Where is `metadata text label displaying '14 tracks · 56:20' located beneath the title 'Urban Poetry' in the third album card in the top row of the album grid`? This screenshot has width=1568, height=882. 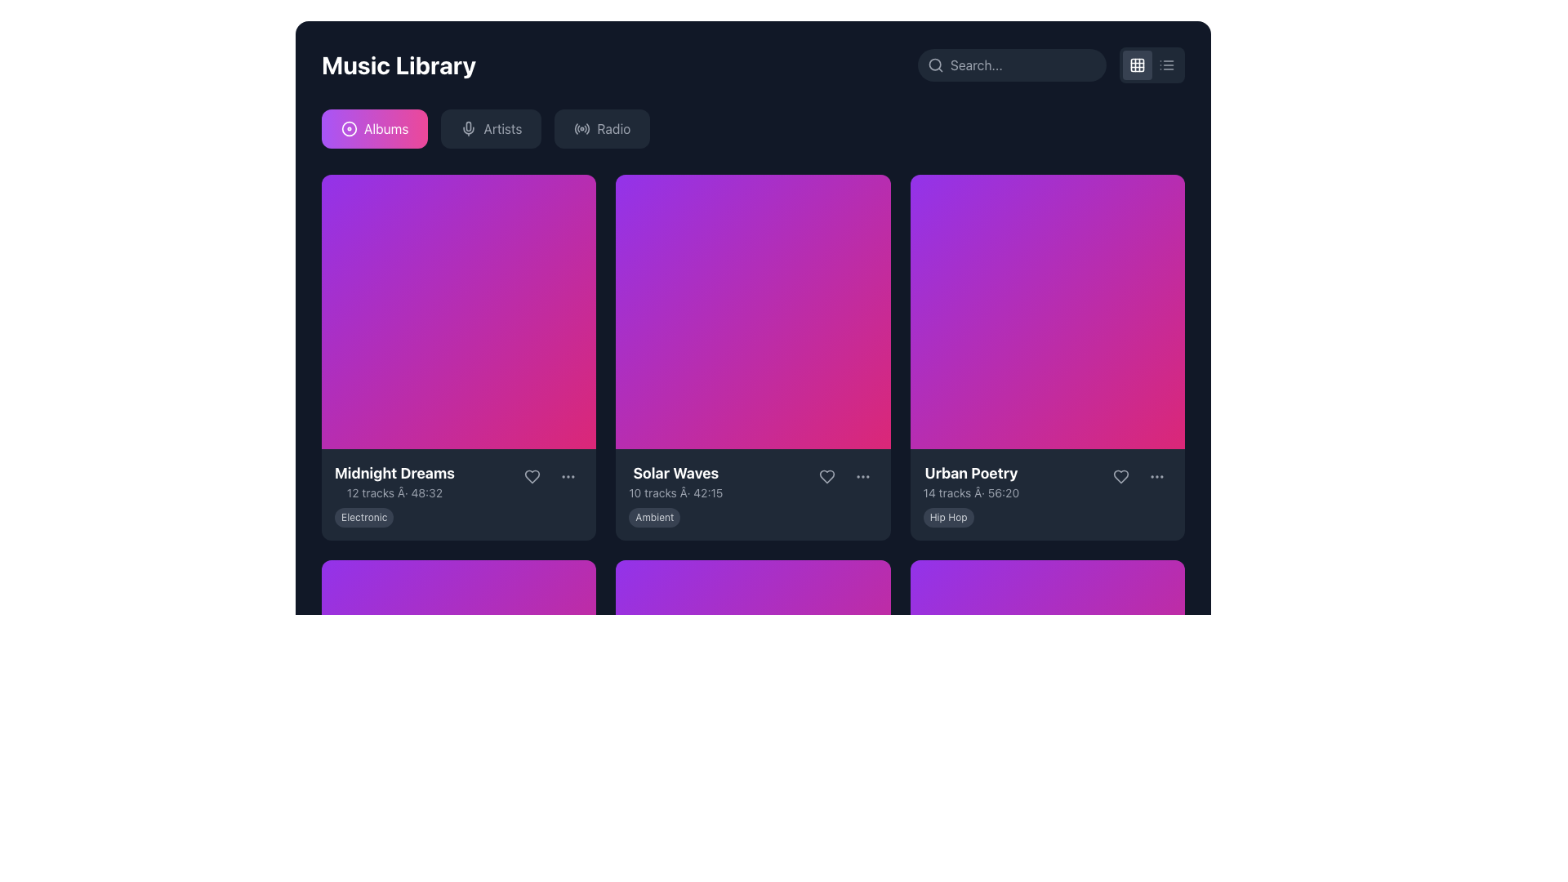
metadata text label displaying '14 tracks · 56:20' located beneath the title 'Urban Poetry' in the third album card in the top row of the album grid is located at coordinates (971, 492).